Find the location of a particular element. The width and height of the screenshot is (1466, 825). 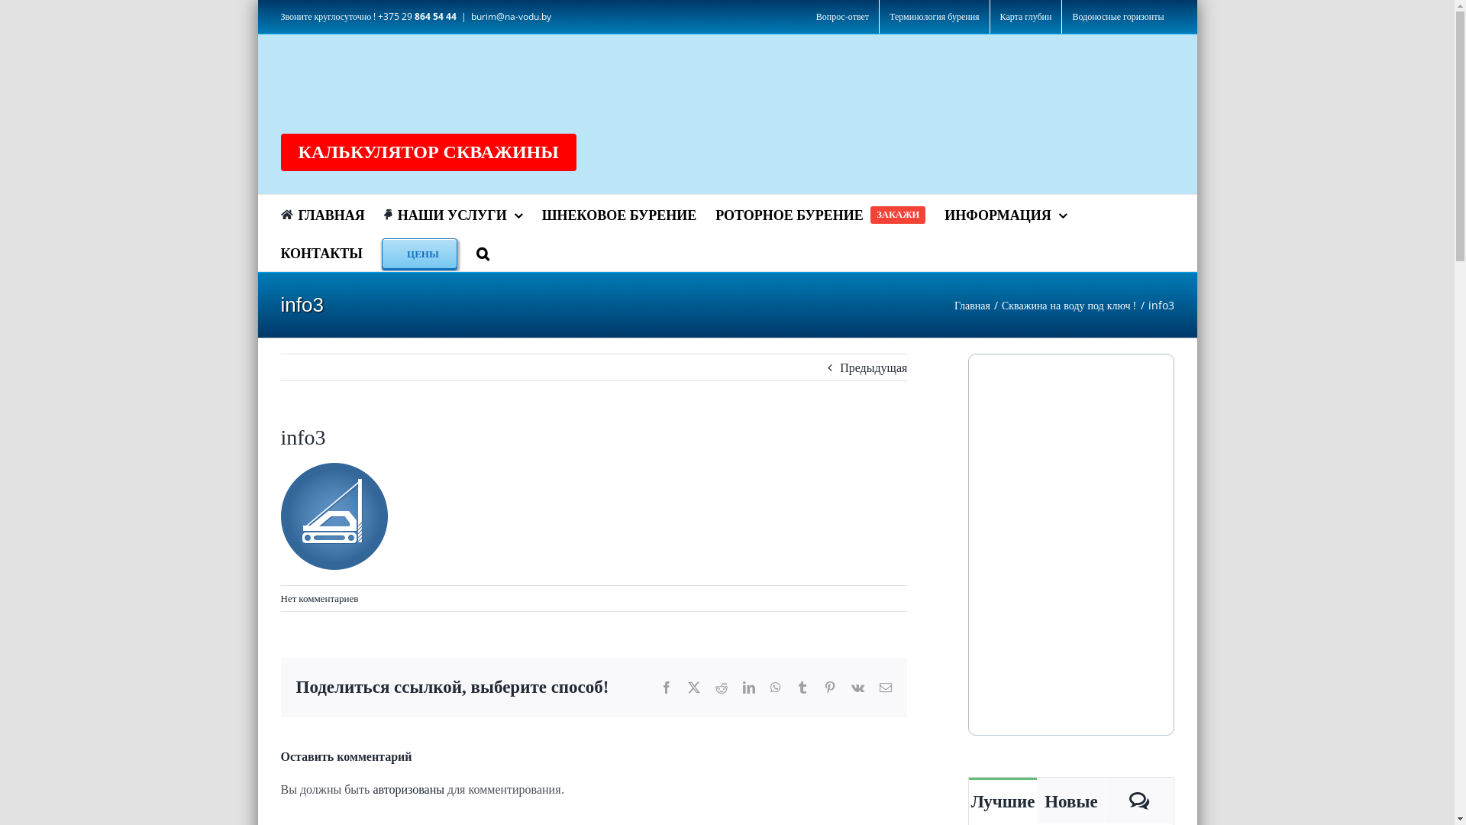

'Twitter' is located at coordinates (693, 686).